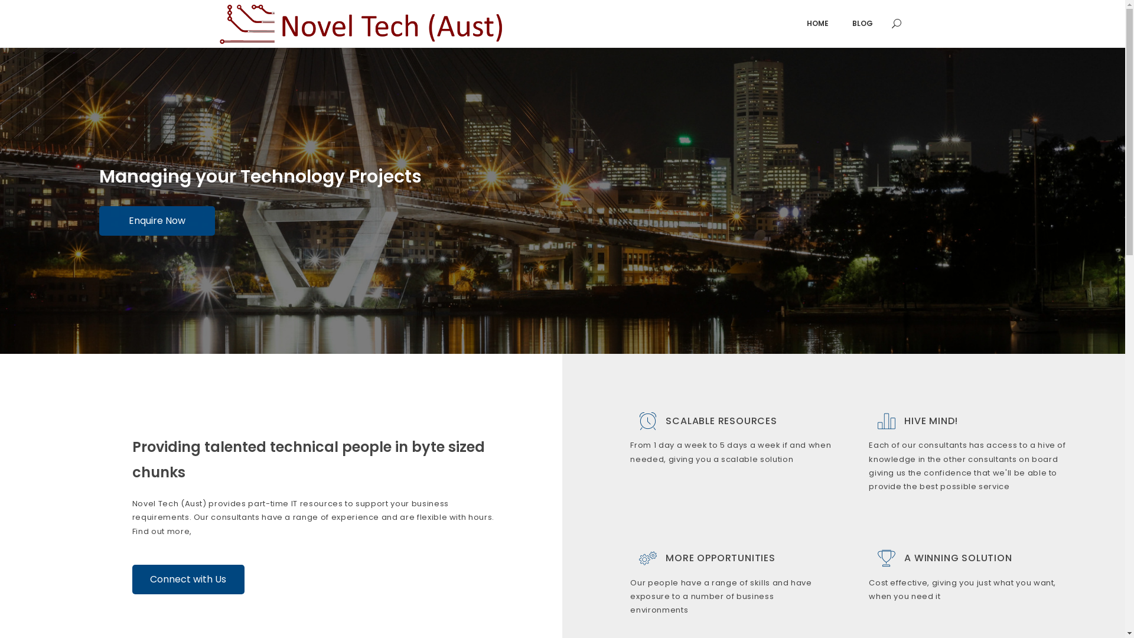 The height and width of the screenshot is (638, 1134). What do you see at coordinates (930, 419) in the screenshot?
I see `'HIVE MIND!'` at bounding box center [930, 419].